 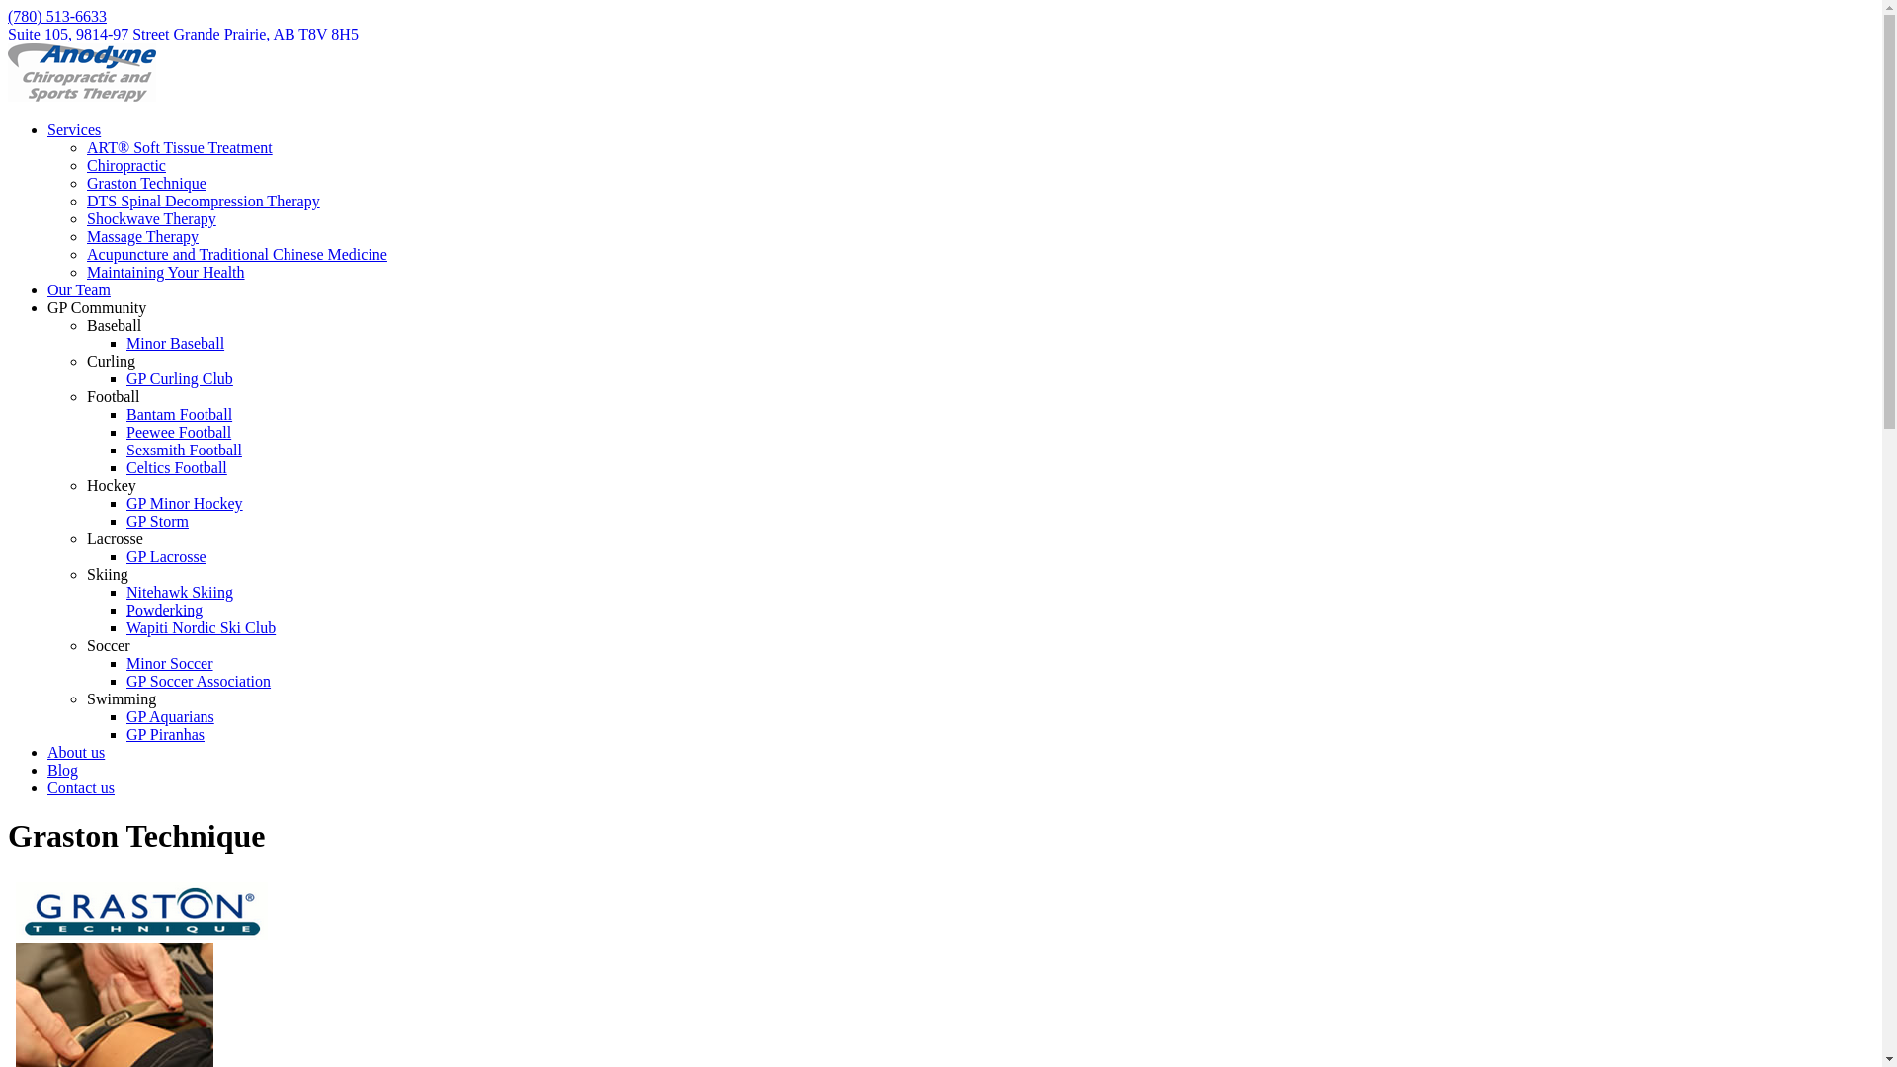 What do you see at coordinates (150, 218) in the screenshot?
I see `'Shockwave Therapy'` at bounding box center [150, 218].